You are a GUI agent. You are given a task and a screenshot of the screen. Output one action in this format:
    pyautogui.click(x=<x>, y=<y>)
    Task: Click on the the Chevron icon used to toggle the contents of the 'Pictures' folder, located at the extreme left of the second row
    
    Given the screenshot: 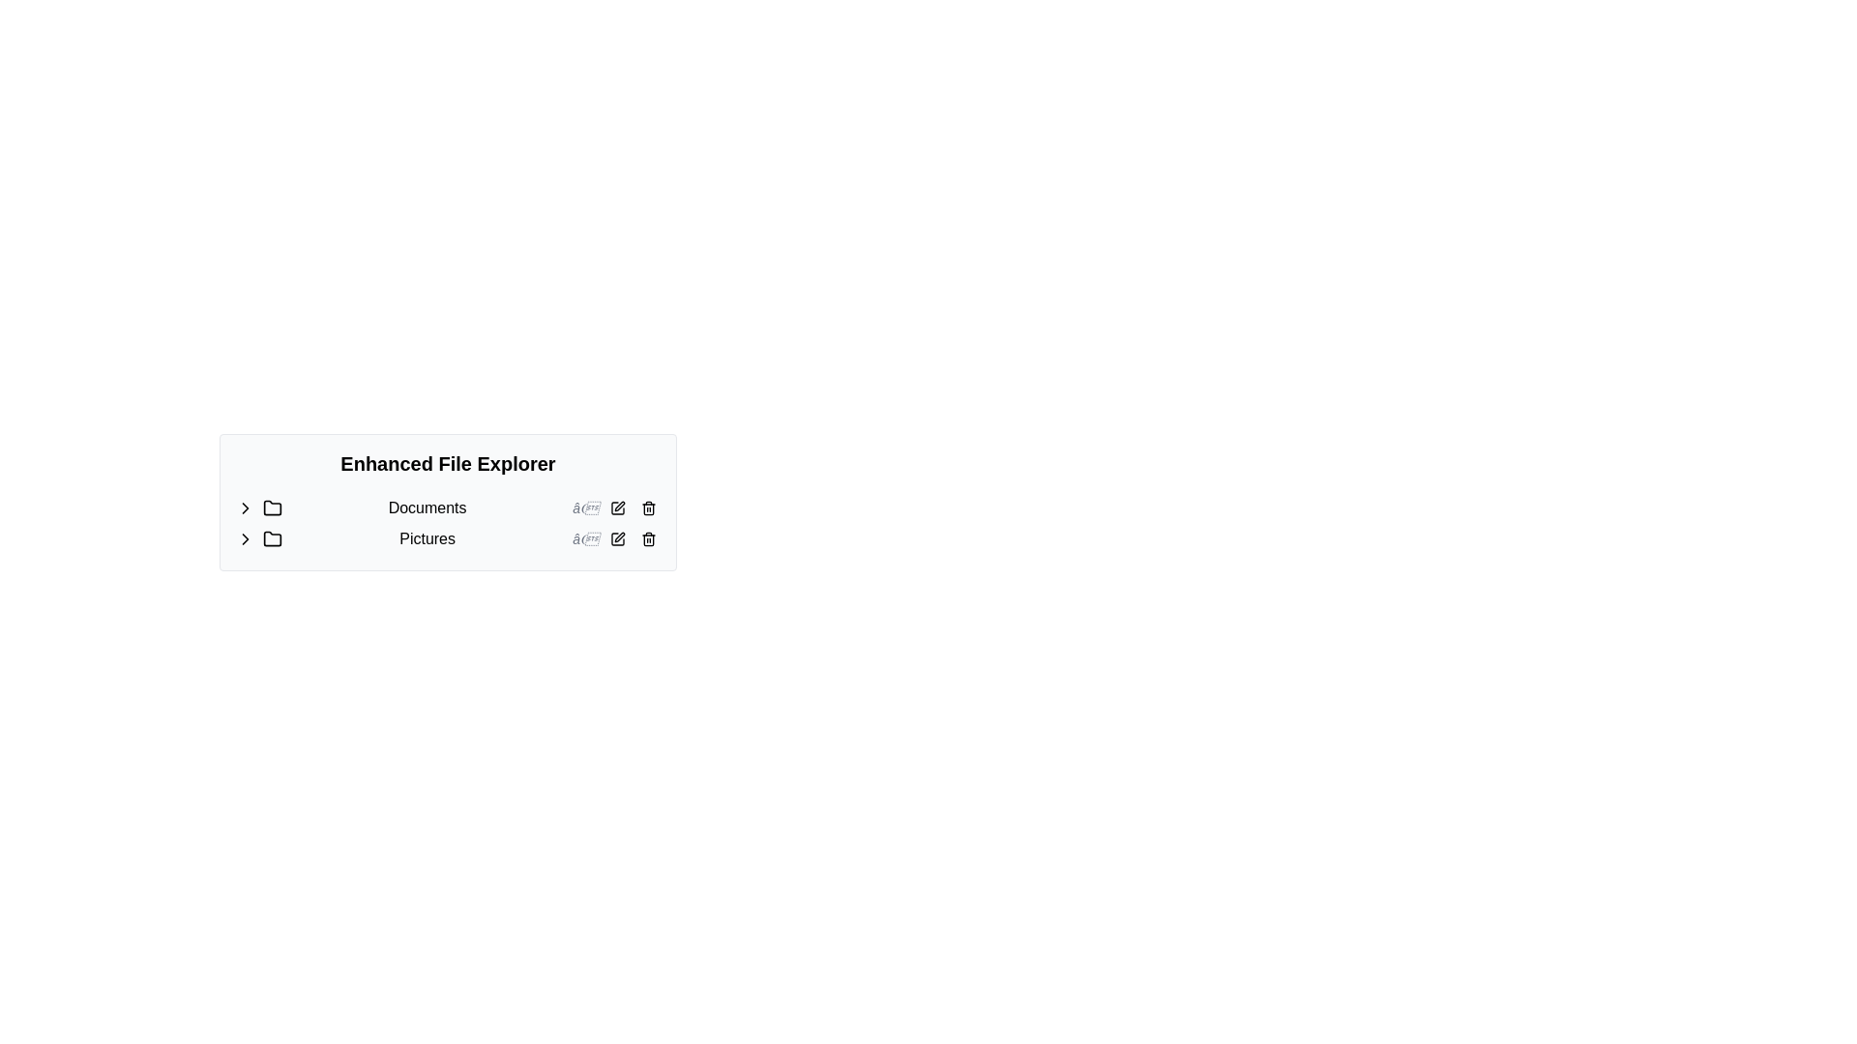 What is the action you would take?
    pyautogui.click(x=245, y=539)
    